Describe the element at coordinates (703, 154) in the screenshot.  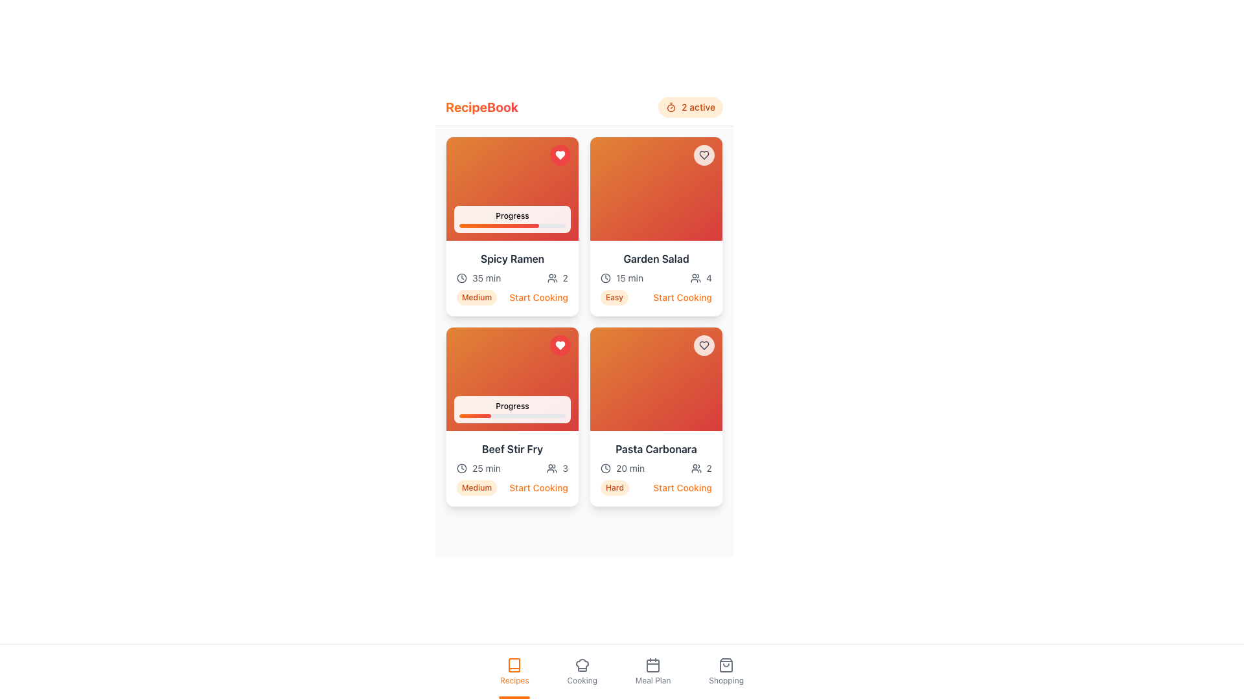
I see `the heart-shaped icon located at the top-right corner of the card` at that location.